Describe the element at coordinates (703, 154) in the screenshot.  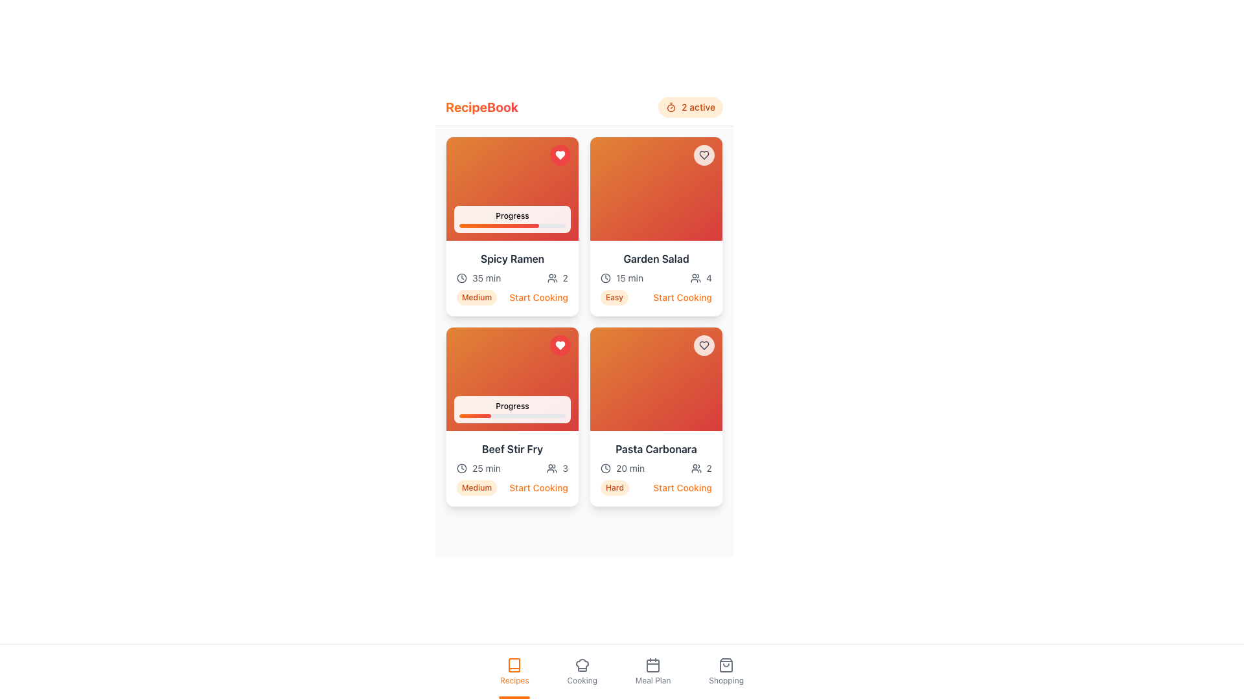
I see `the heart-shaped icon located at the top-right corner of the card` at that location.